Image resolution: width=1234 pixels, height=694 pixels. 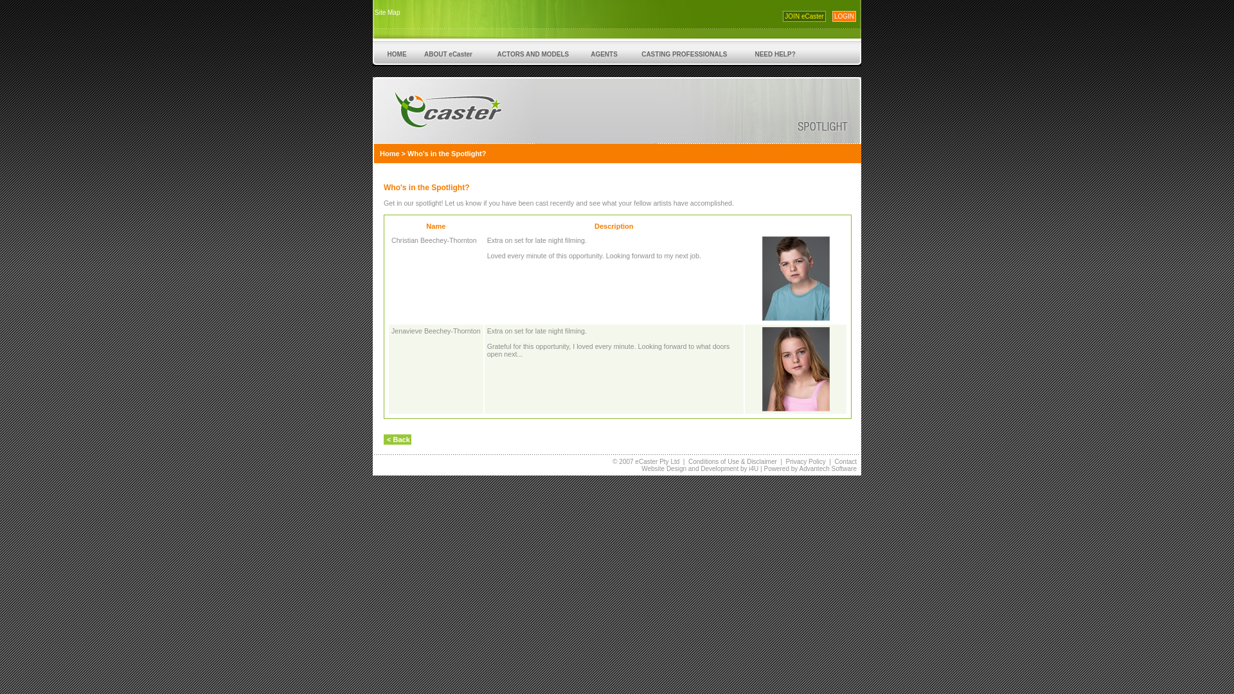 I want to click on ' HOME ', so click(x=396, y=53).